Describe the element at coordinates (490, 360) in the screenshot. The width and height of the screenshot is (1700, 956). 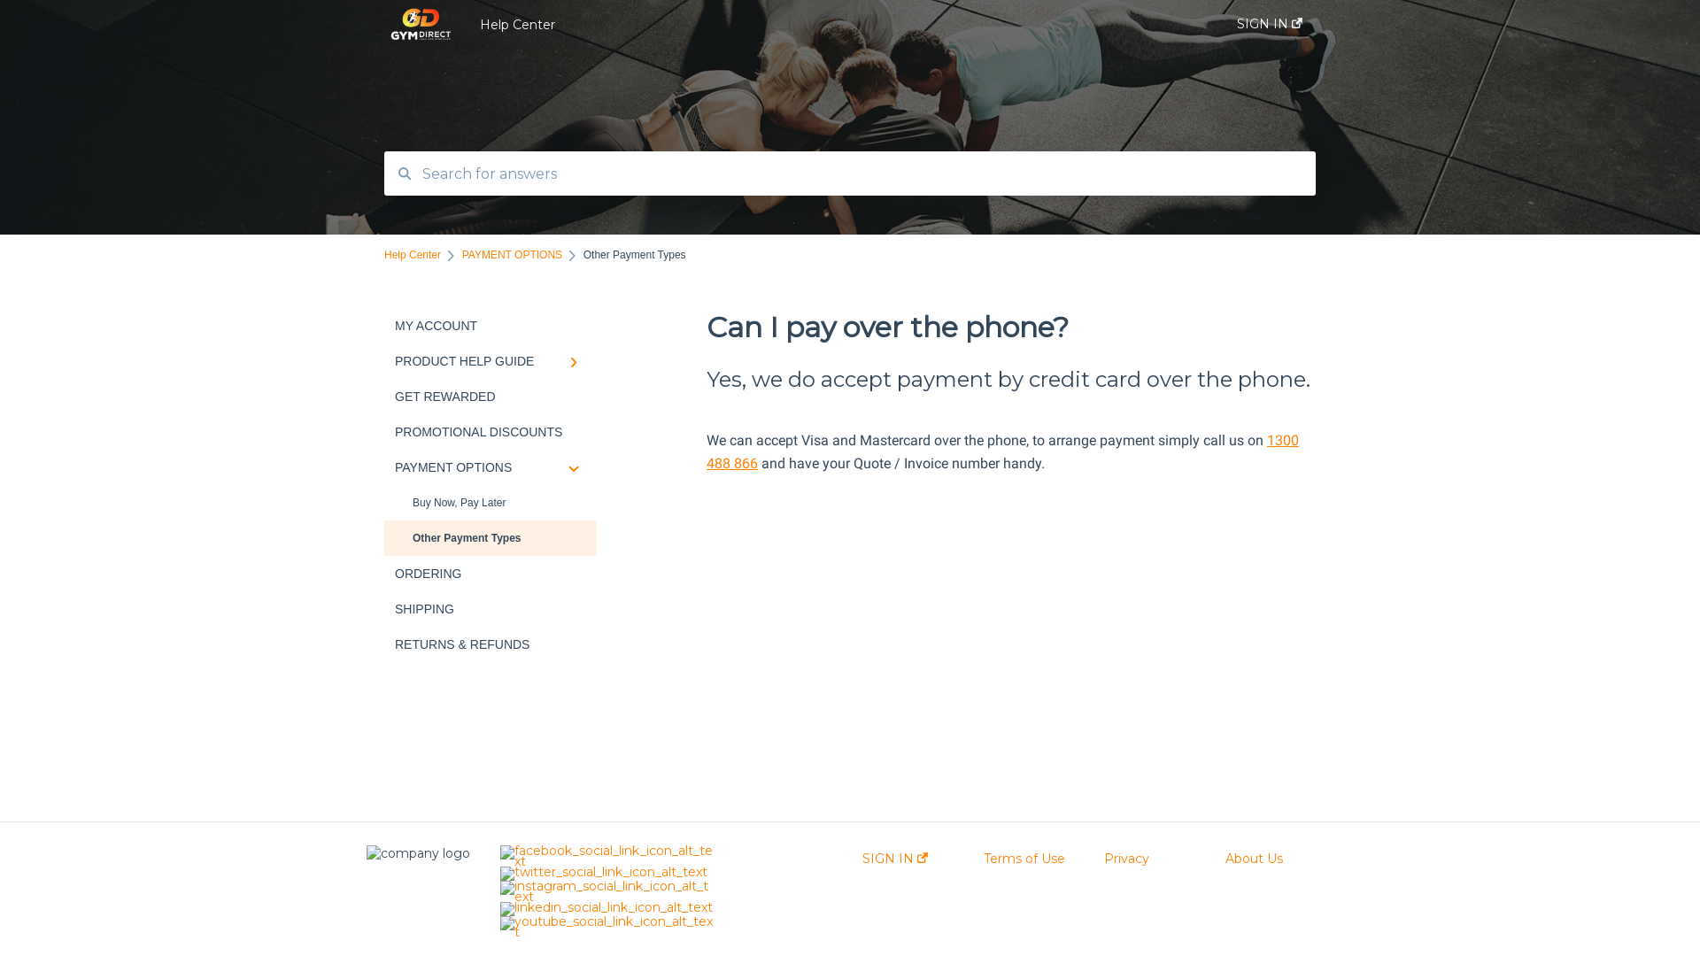
I see `'PRODUCT HELP GUIDE'` at that location.